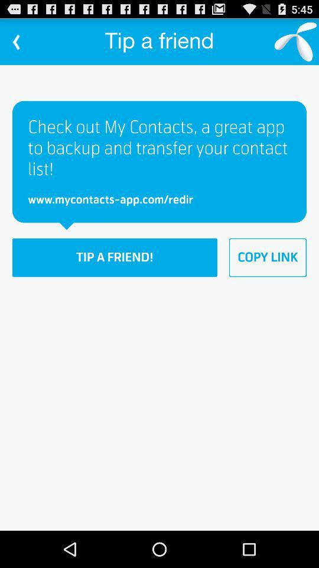  What do you see at coordinates (268, 257) in the screenshot?
I see `item next to tip a friend! icon` at bounding box center [268, 257].